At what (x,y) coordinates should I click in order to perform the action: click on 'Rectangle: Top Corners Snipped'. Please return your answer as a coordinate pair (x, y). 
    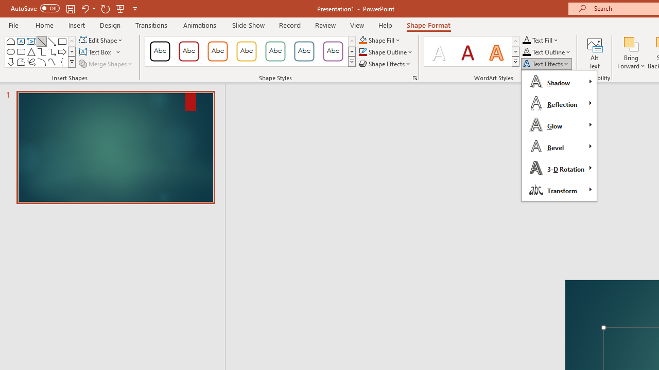
    Looking at the image, I should click on (11, 41).